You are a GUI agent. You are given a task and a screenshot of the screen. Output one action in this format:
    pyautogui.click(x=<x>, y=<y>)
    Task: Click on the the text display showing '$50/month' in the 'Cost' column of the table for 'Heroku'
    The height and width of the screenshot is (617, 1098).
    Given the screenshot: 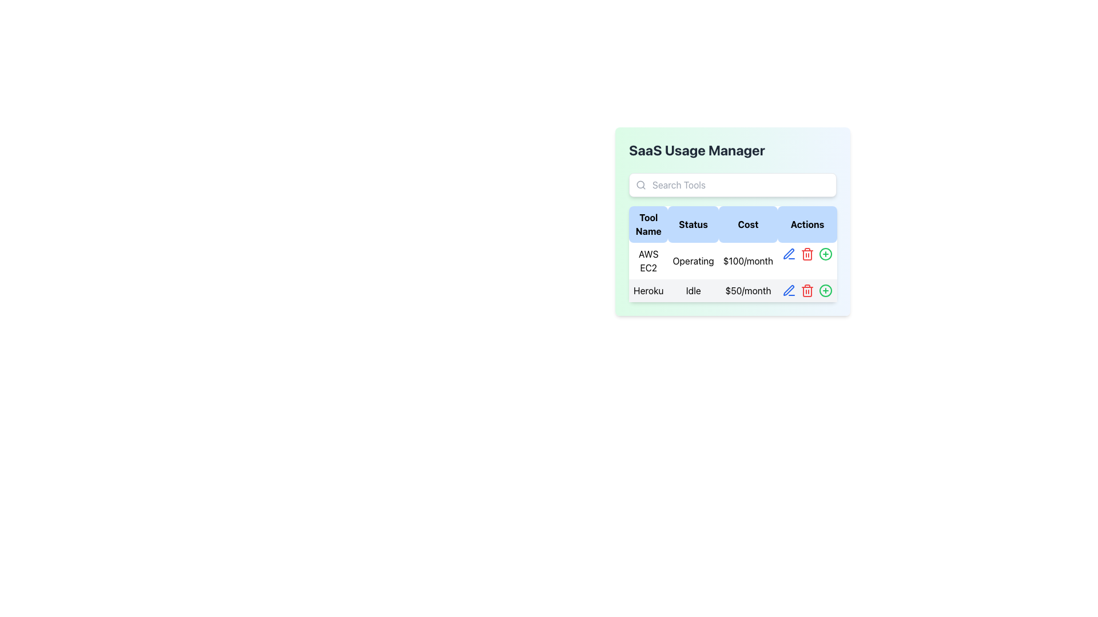 What is the action you would take?
    pyautogui.click(x=748, y=290)
    